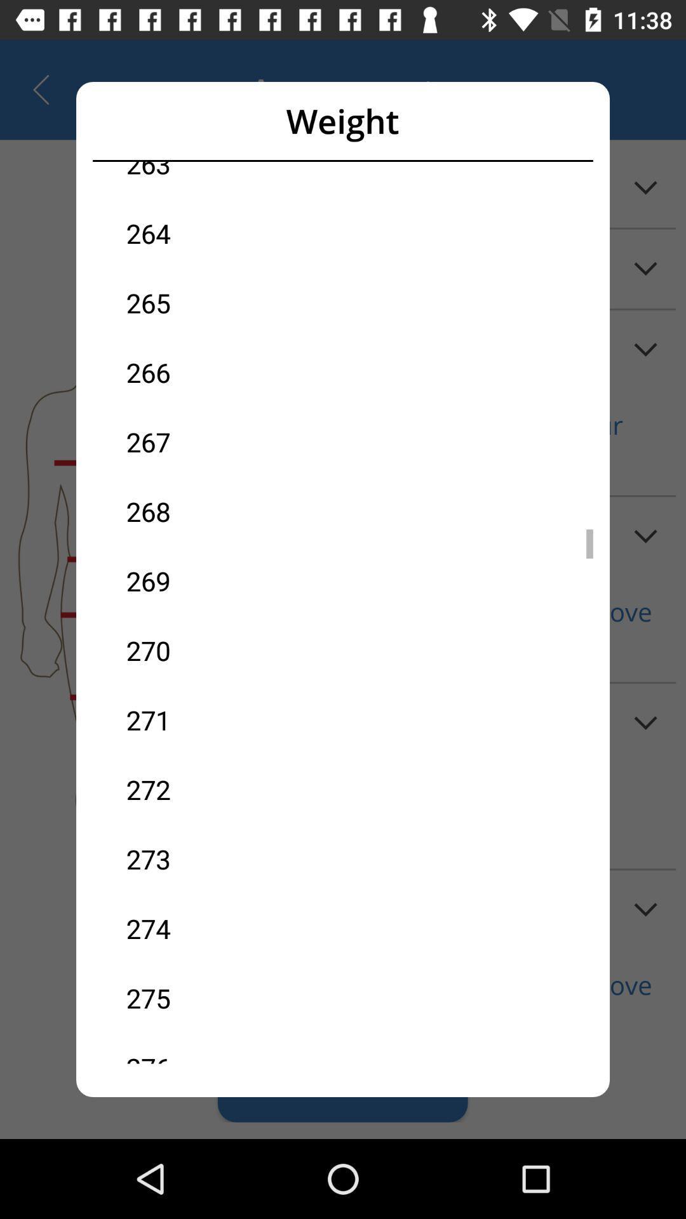  What do you see at coordinates (234, 928) in the screenshot?
I see `item below the 273 icon` at bounding box center [234, 928].